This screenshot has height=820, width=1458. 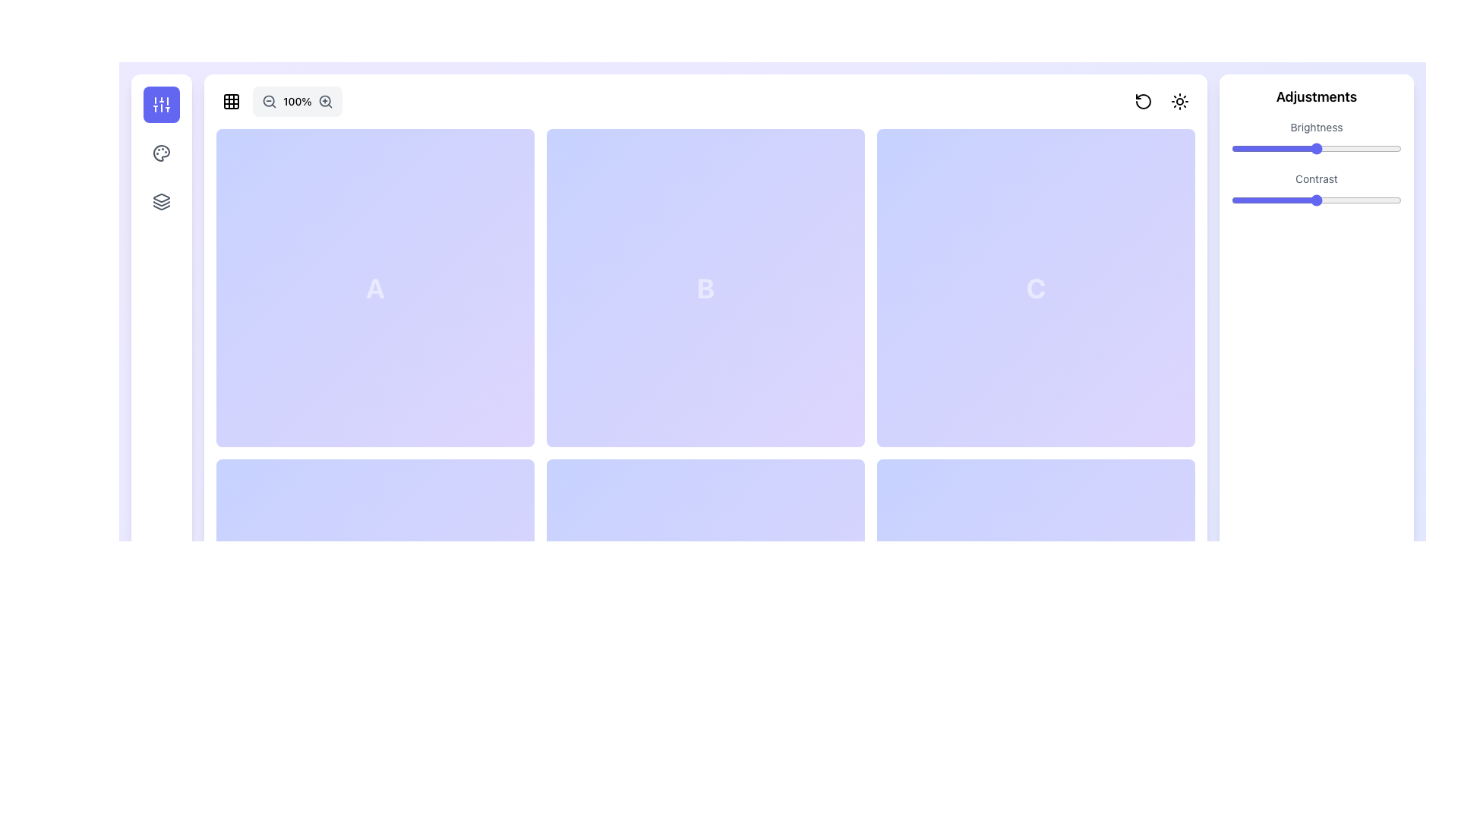 What do you see at coordinates (1144, 102) in the screenshot?
I see `the circular reset button with a counter-clockwise arrow to reset settings` at bounding box center [1144, 102].